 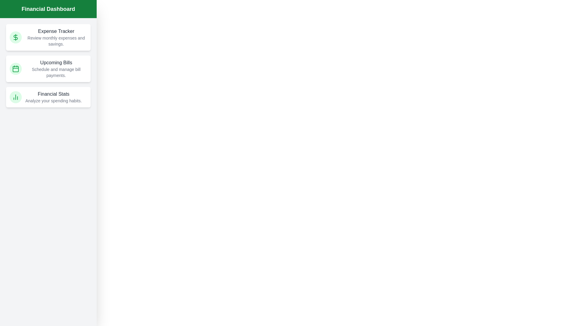 What do you see at coordinates (13, 13) in the screenshot?
I see `toggle button at the top-left corner to toggle the visibility of the drawer` at bounding box center [13, 13].